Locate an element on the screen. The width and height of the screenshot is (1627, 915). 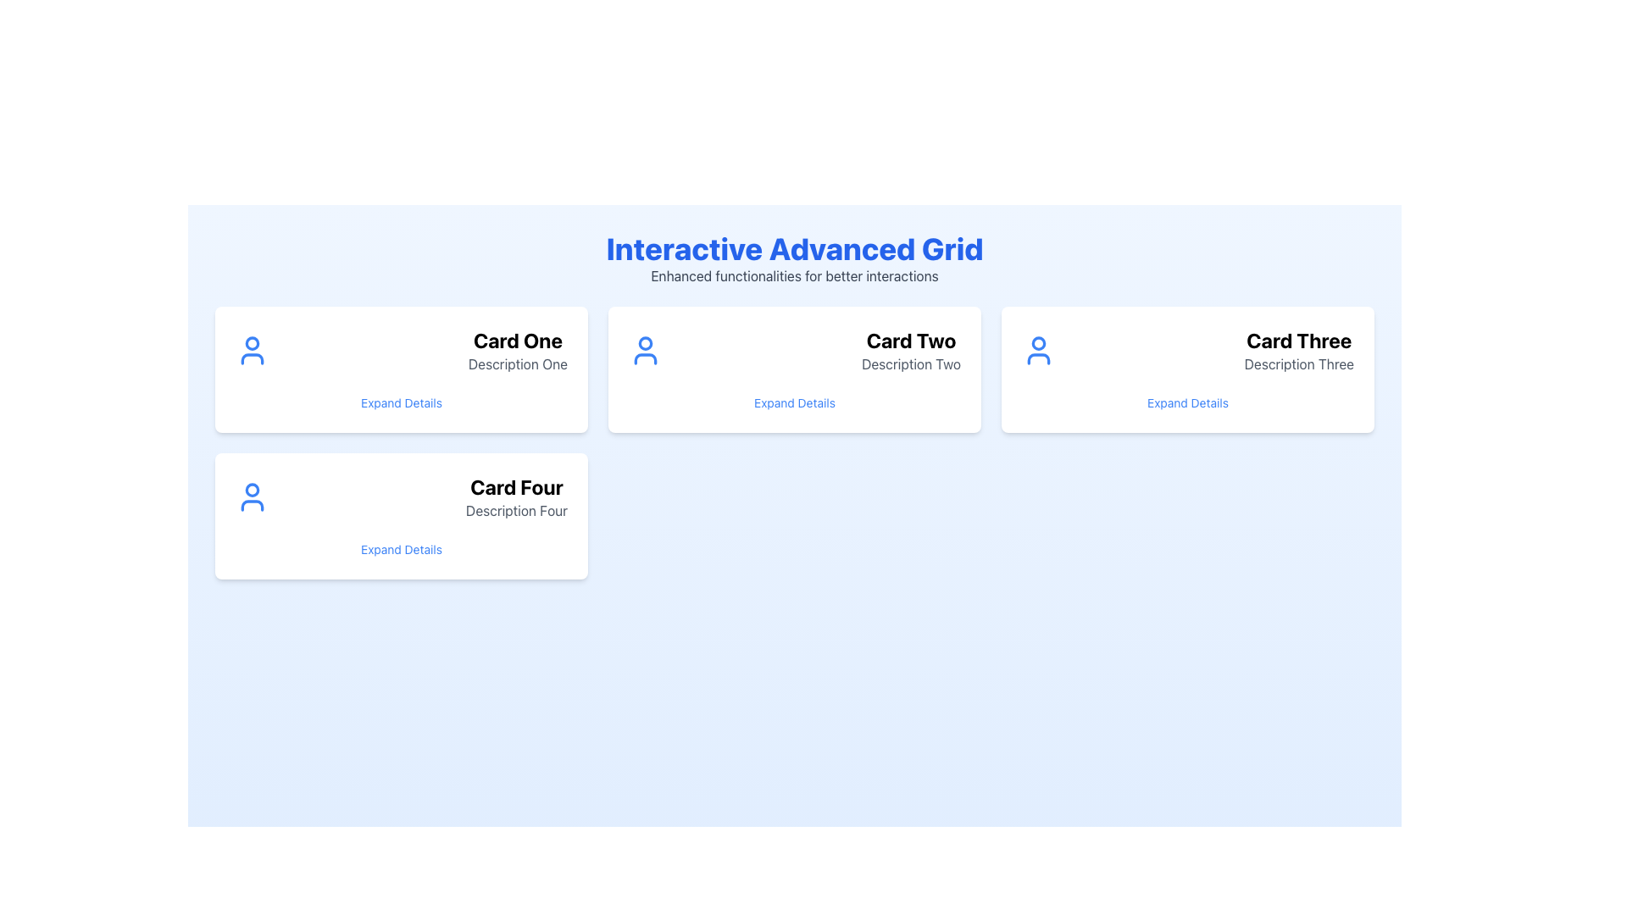
the title text label located in the top-right card of the grid layout, positioned above 'Description Two' is located at coordinates (910, 340).